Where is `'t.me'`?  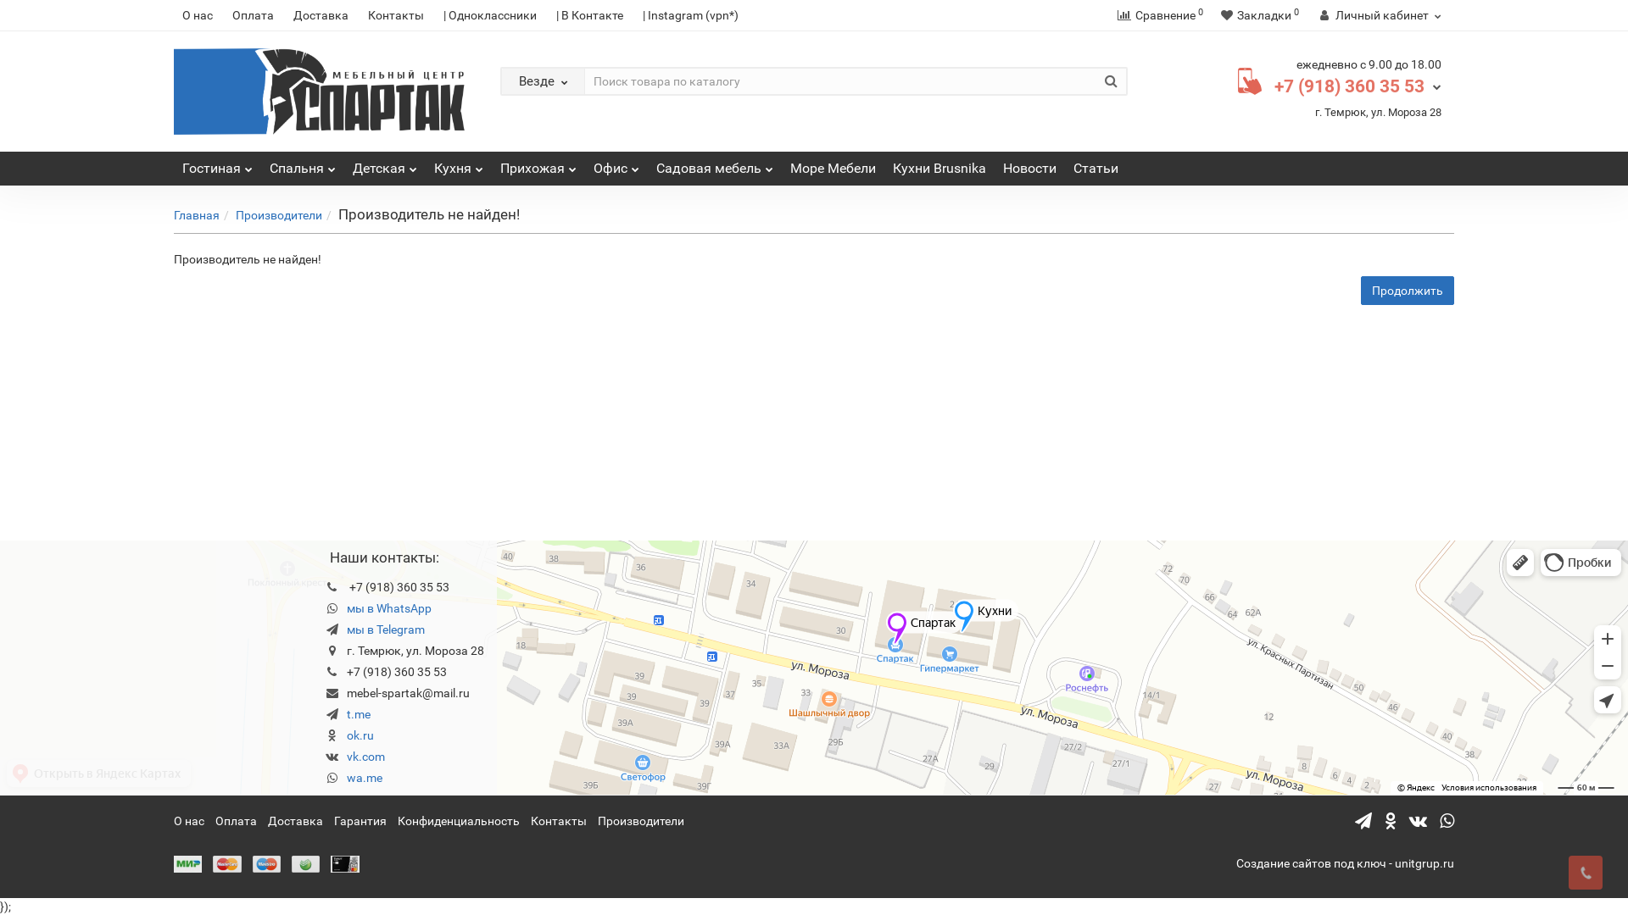
't.me' is located at coordinates (357, 714).